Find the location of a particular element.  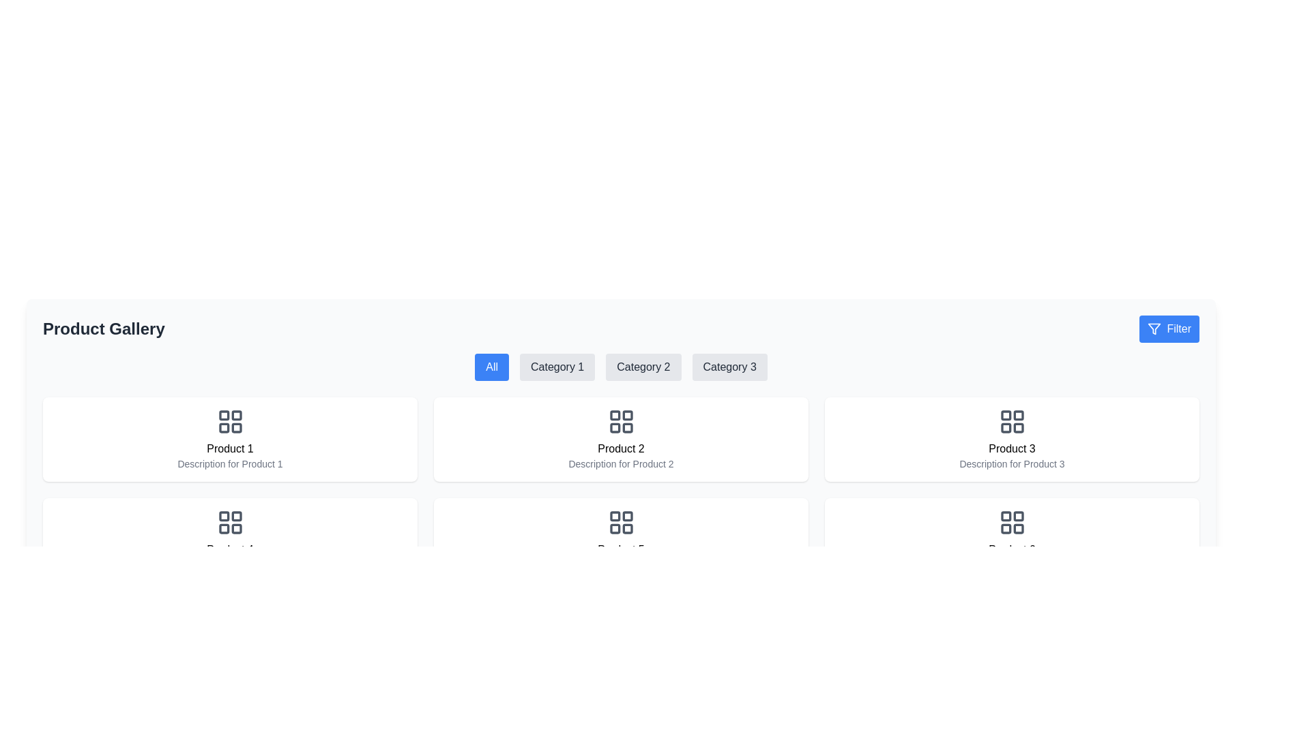

the decorative icon representing 'Product 3', which is the second square in the top row of a 2x2 grid is located at coordinates (1018, 414).